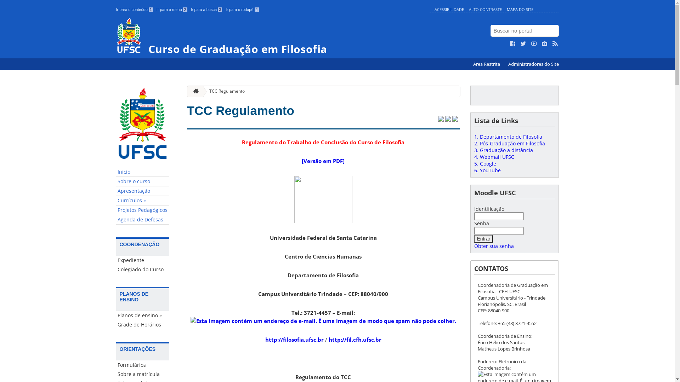  Describe the element at coordinates (493, 156) in the screenshot. I see `'4. Webmail UFSC'` at that location.